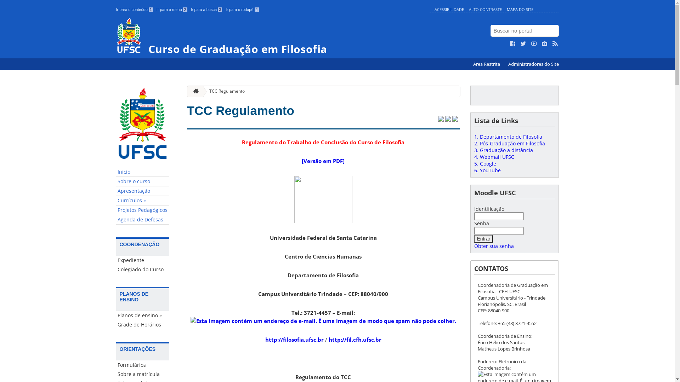  Describe the element at coordinates (493, 156) in the screenshot. I see `'4. Webmail UFSC'` at that location.